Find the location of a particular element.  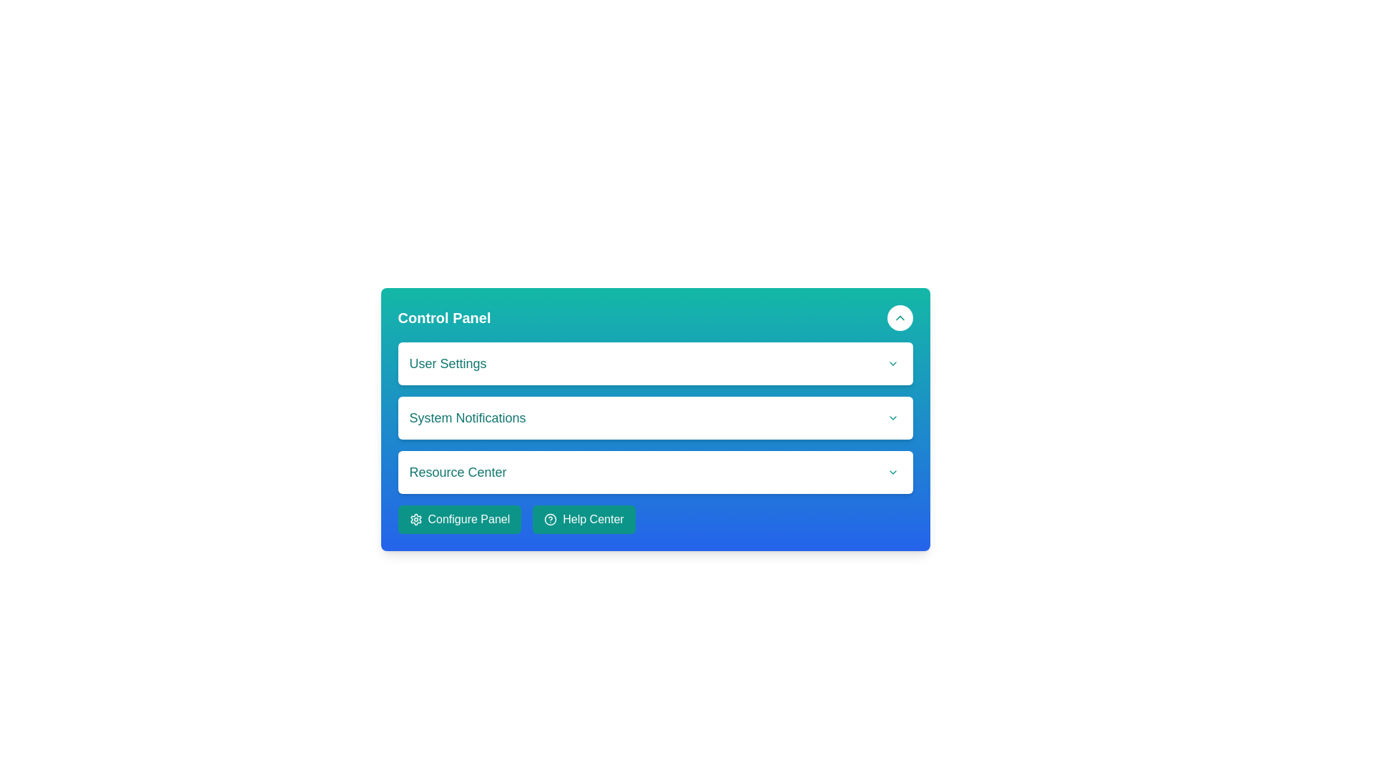

text label that serves as a title or header for the current panel, located near the top-left corner of the horizontal bar in the interface is located at coordinates (443, 317).